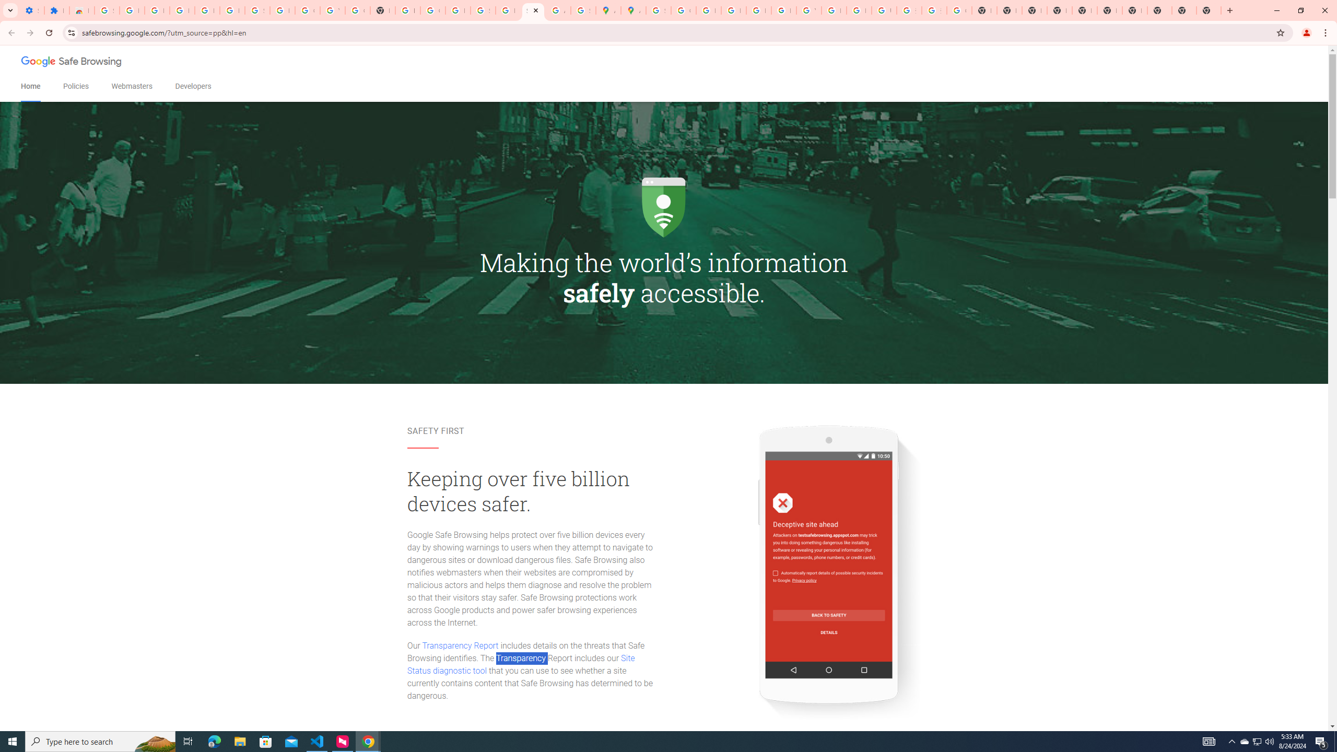 The height and width of the screenshot is (752, 1337). Describe the element at coordinates (72, 62) in the screenshot. I see `'Google Safe Browsing'` at that location.